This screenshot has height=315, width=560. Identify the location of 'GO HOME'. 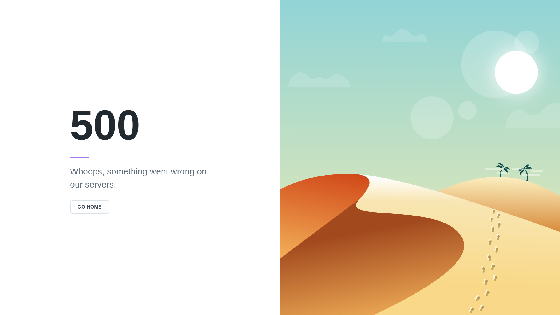
(70, 206).